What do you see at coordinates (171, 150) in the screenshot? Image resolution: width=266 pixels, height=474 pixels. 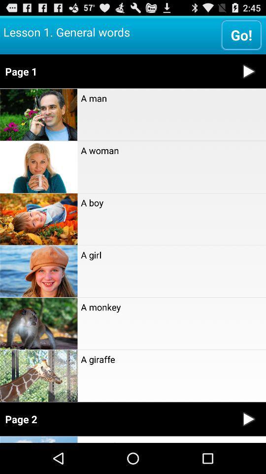 I see `the a woman item` at bounding box center [171, 150].